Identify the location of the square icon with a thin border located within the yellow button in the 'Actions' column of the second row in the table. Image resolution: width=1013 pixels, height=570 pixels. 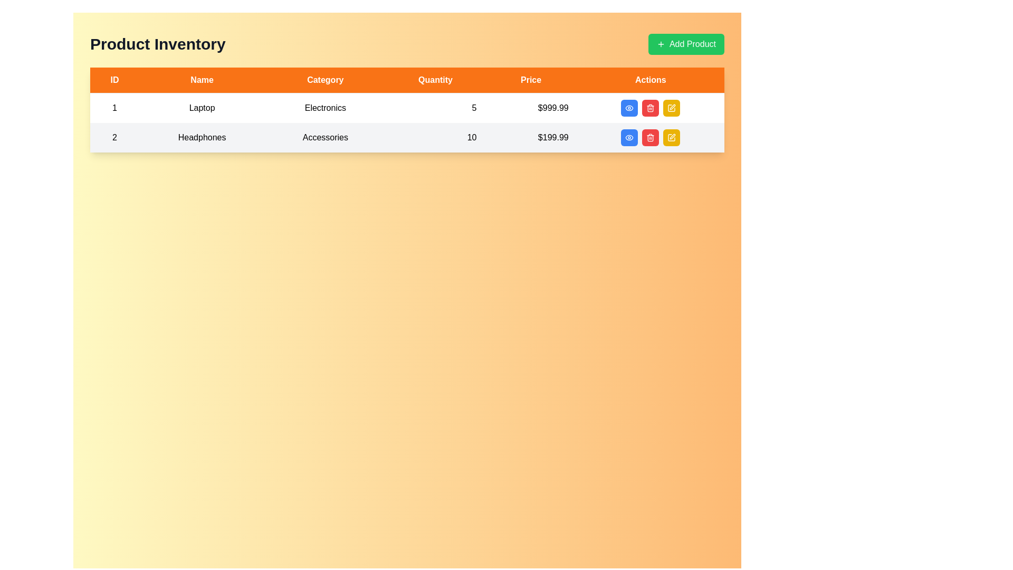
(671, 137).